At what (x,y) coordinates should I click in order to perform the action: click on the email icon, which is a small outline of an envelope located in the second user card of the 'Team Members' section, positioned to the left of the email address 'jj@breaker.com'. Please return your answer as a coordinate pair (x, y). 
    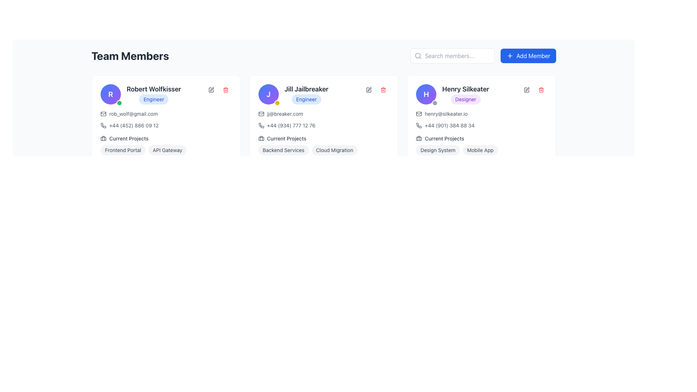
    Looking at the image, I should click on (261, 114).